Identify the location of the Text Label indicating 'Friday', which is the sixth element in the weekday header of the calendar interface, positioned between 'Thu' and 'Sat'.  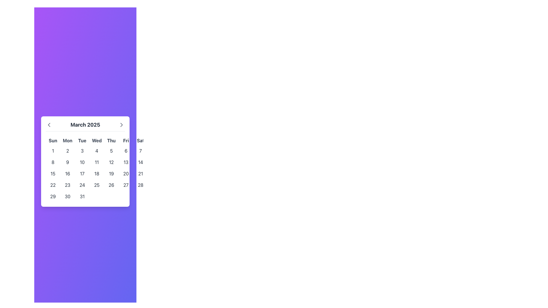
(126, 140).